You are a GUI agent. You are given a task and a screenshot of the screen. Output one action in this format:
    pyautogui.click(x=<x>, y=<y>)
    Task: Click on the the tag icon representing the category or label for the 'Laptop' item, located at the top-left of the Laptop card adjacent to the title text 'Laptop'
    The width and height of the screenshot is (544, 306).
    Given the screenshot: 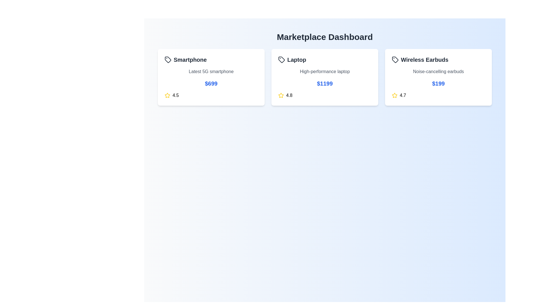 What is the action you would take?
    pyautogui.click(x=281, y=60)
    